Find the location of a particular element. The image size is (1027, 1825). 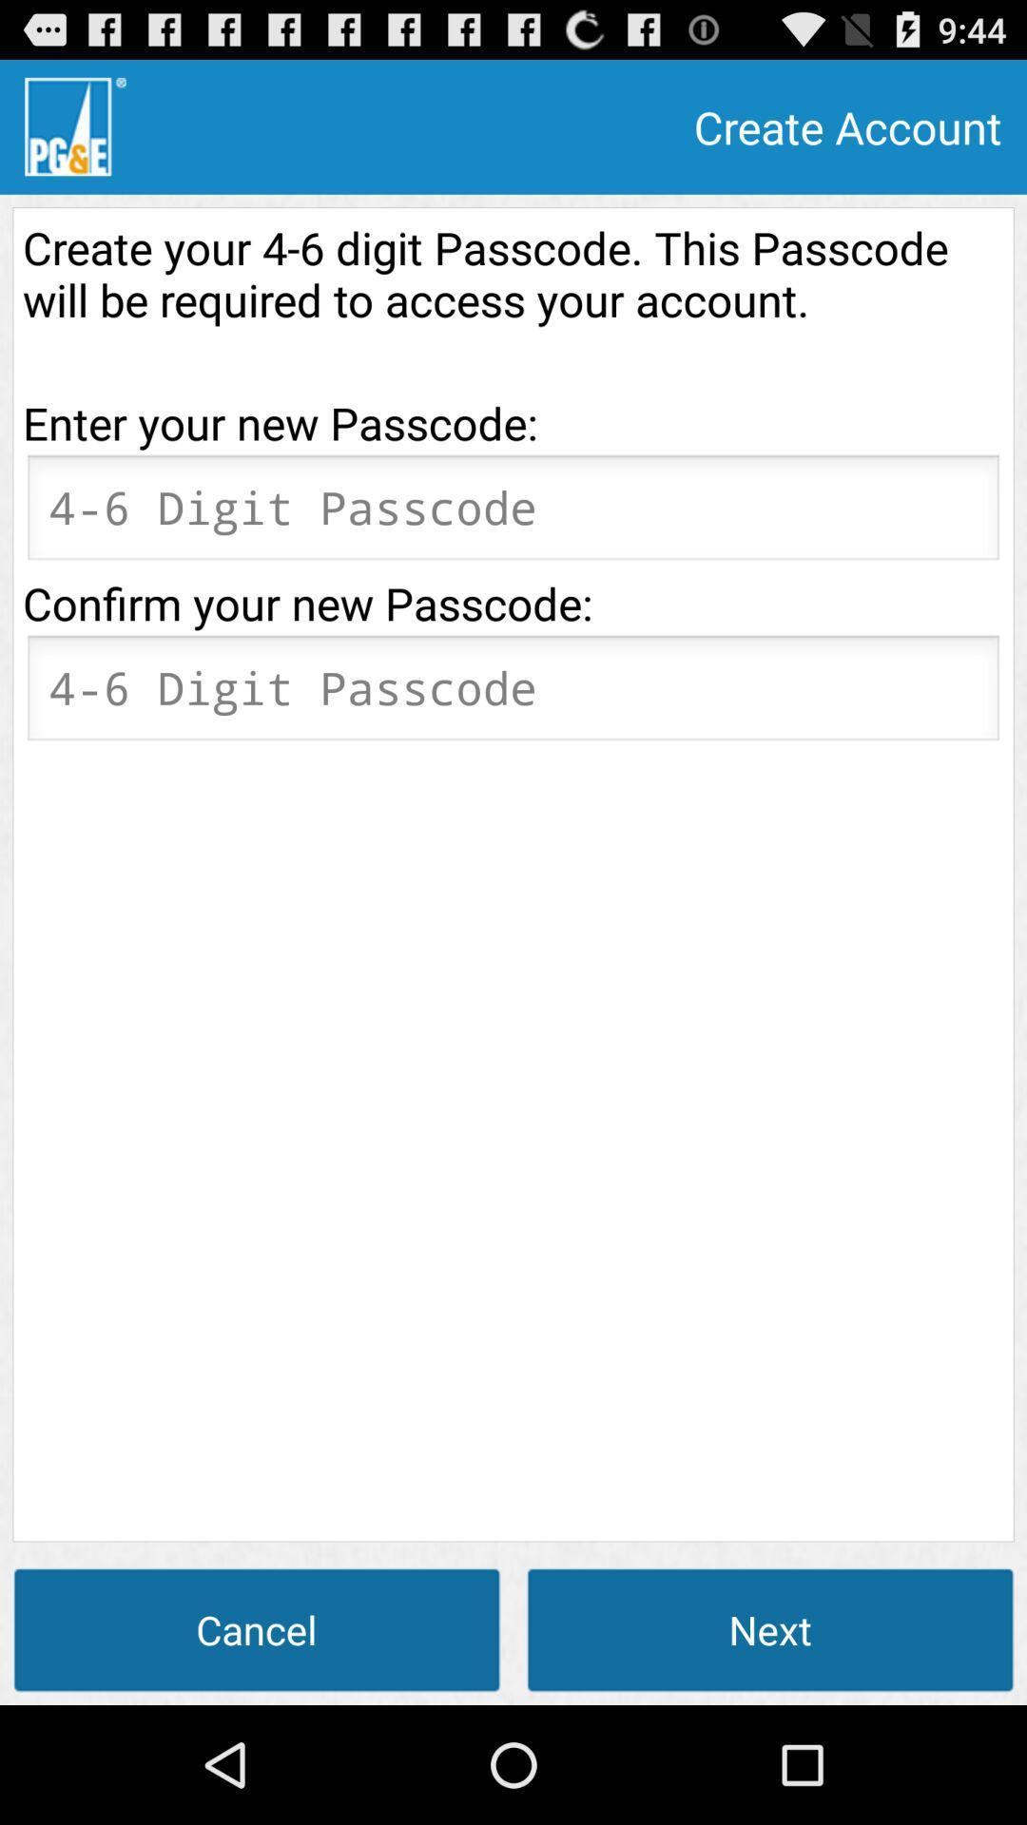

the button next to next is located at coordinates (257, 1628).